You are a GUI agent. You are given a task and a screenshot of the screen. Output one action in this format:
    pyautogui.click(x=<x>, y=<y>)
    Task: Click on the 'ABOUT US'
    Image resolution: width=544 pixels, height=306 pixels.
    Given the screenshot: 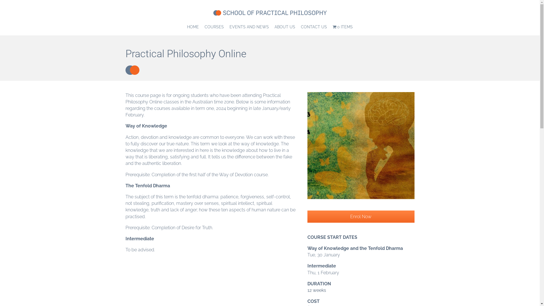 What is the action you would take?
    pyautogui.click(x=285, y=27)
    